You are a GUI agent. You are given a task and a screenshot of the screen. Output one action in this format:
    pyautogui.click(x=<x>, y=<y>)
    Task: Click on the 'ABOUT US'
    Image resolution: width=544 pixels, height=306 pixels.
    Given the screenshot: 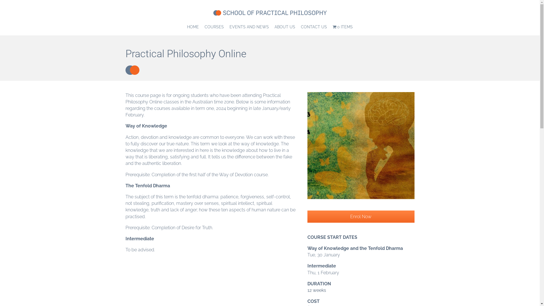 What is the action you would take?
    pyautogui.click(x=285, y=27)
    